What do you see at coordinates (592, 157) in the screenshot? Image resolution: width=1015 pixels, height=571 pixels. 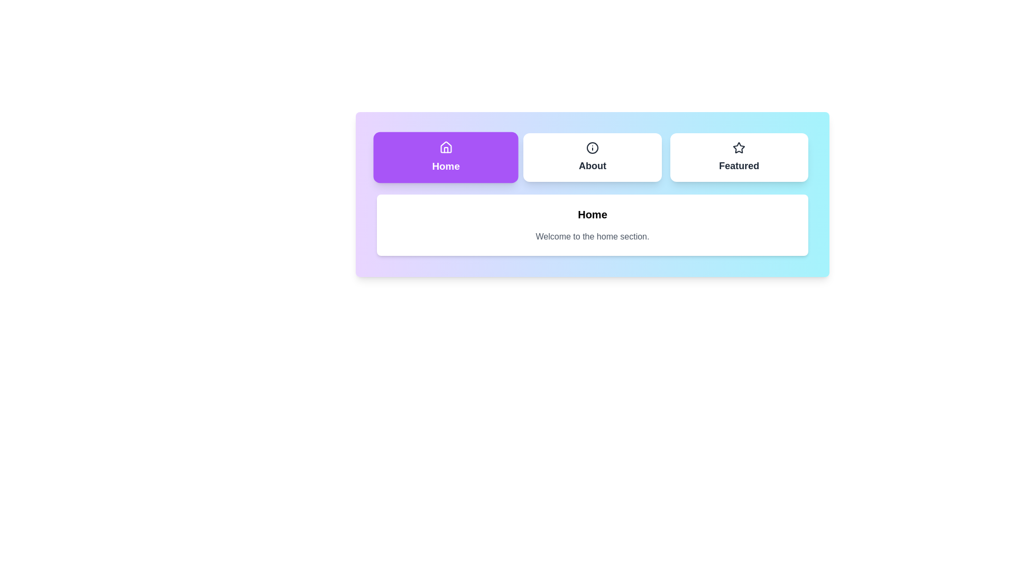 I see `the About tab to observe the hover effect` at bounding box center [592, 157].